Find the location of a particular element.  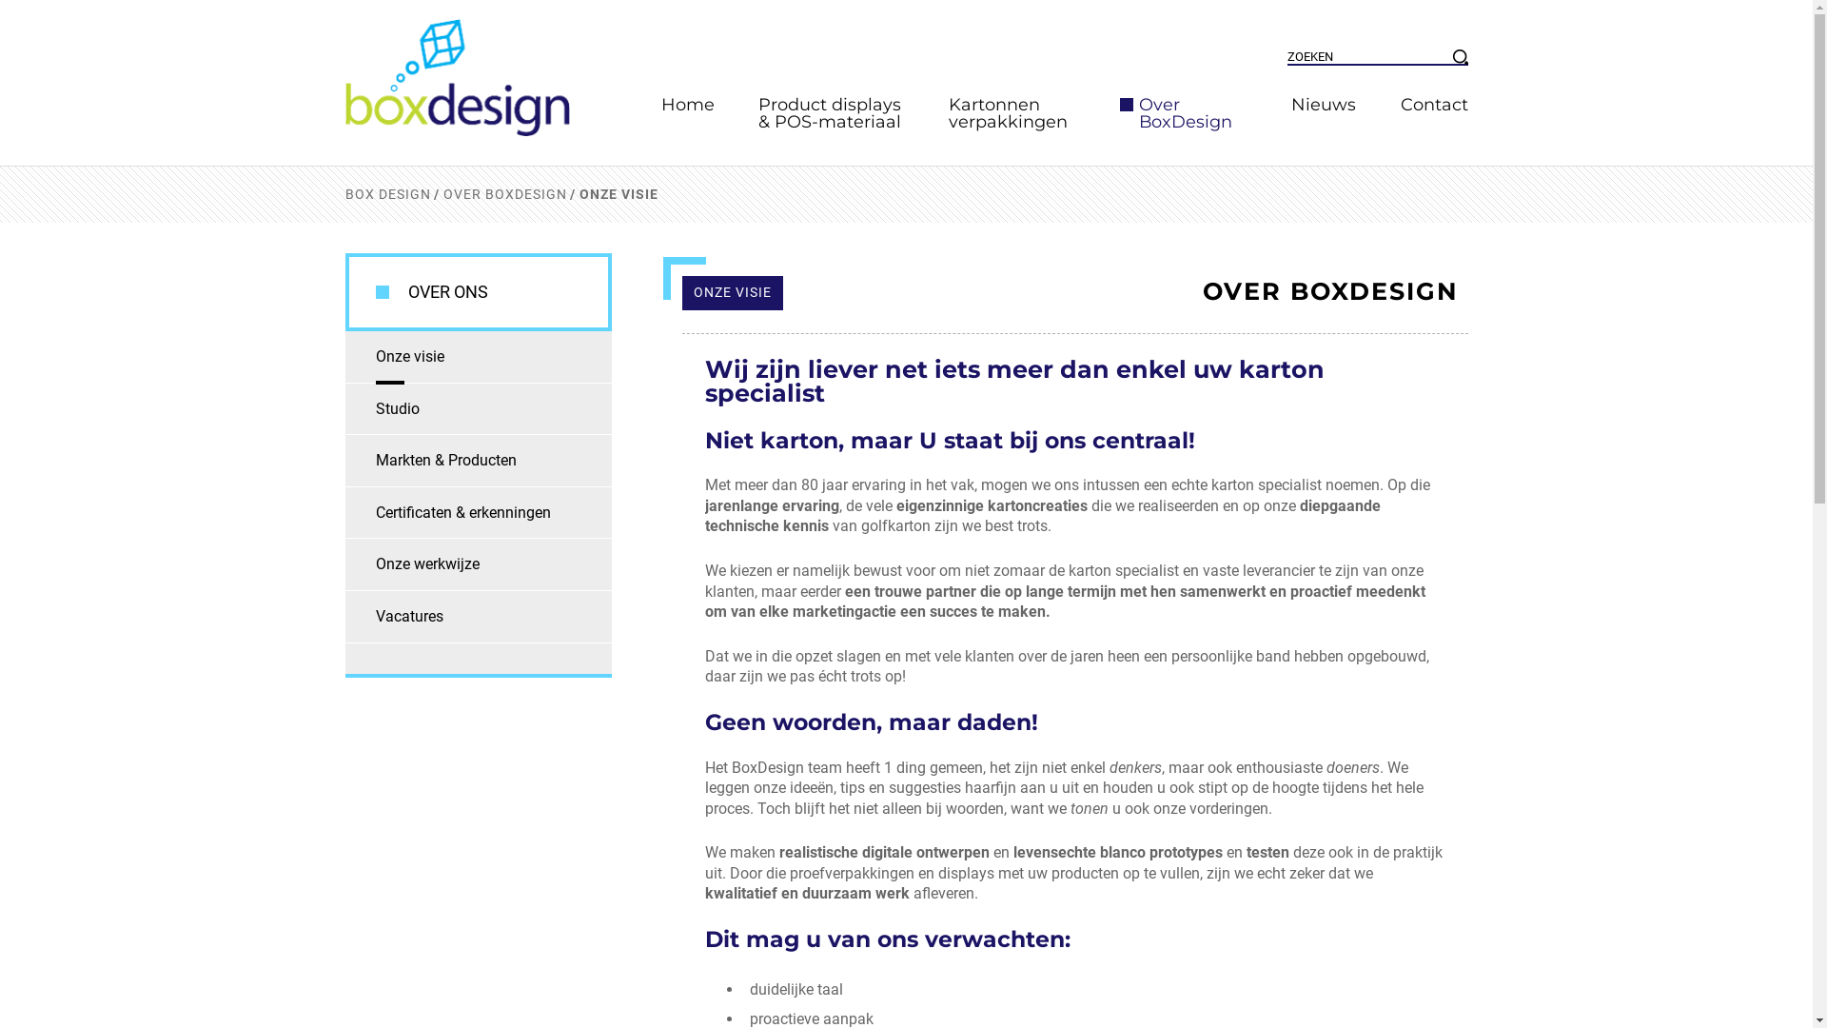

'Vacatures' is located at coordinates (478, 617).